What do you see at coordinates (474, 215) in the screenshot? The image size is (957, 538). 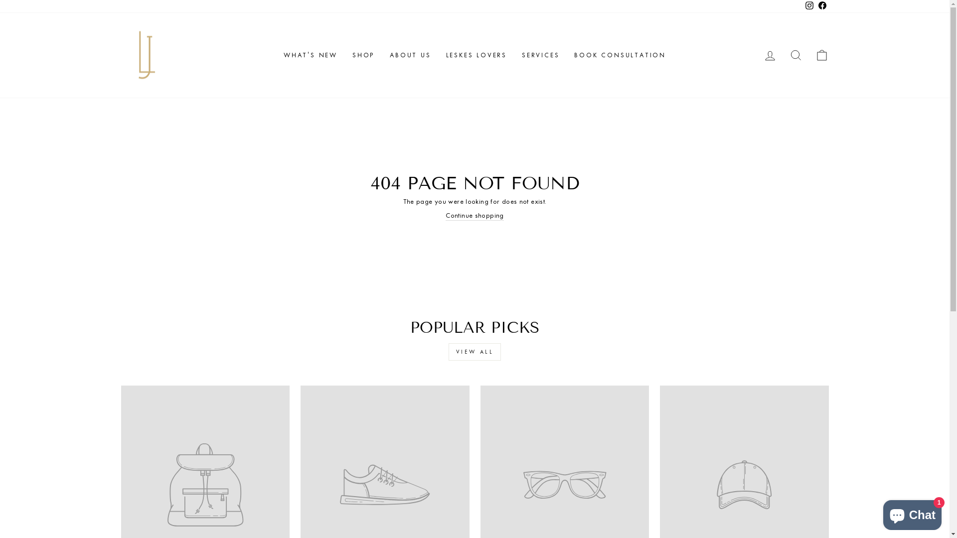 I see `'Continue shopping'` at bounding box center [474, 215].